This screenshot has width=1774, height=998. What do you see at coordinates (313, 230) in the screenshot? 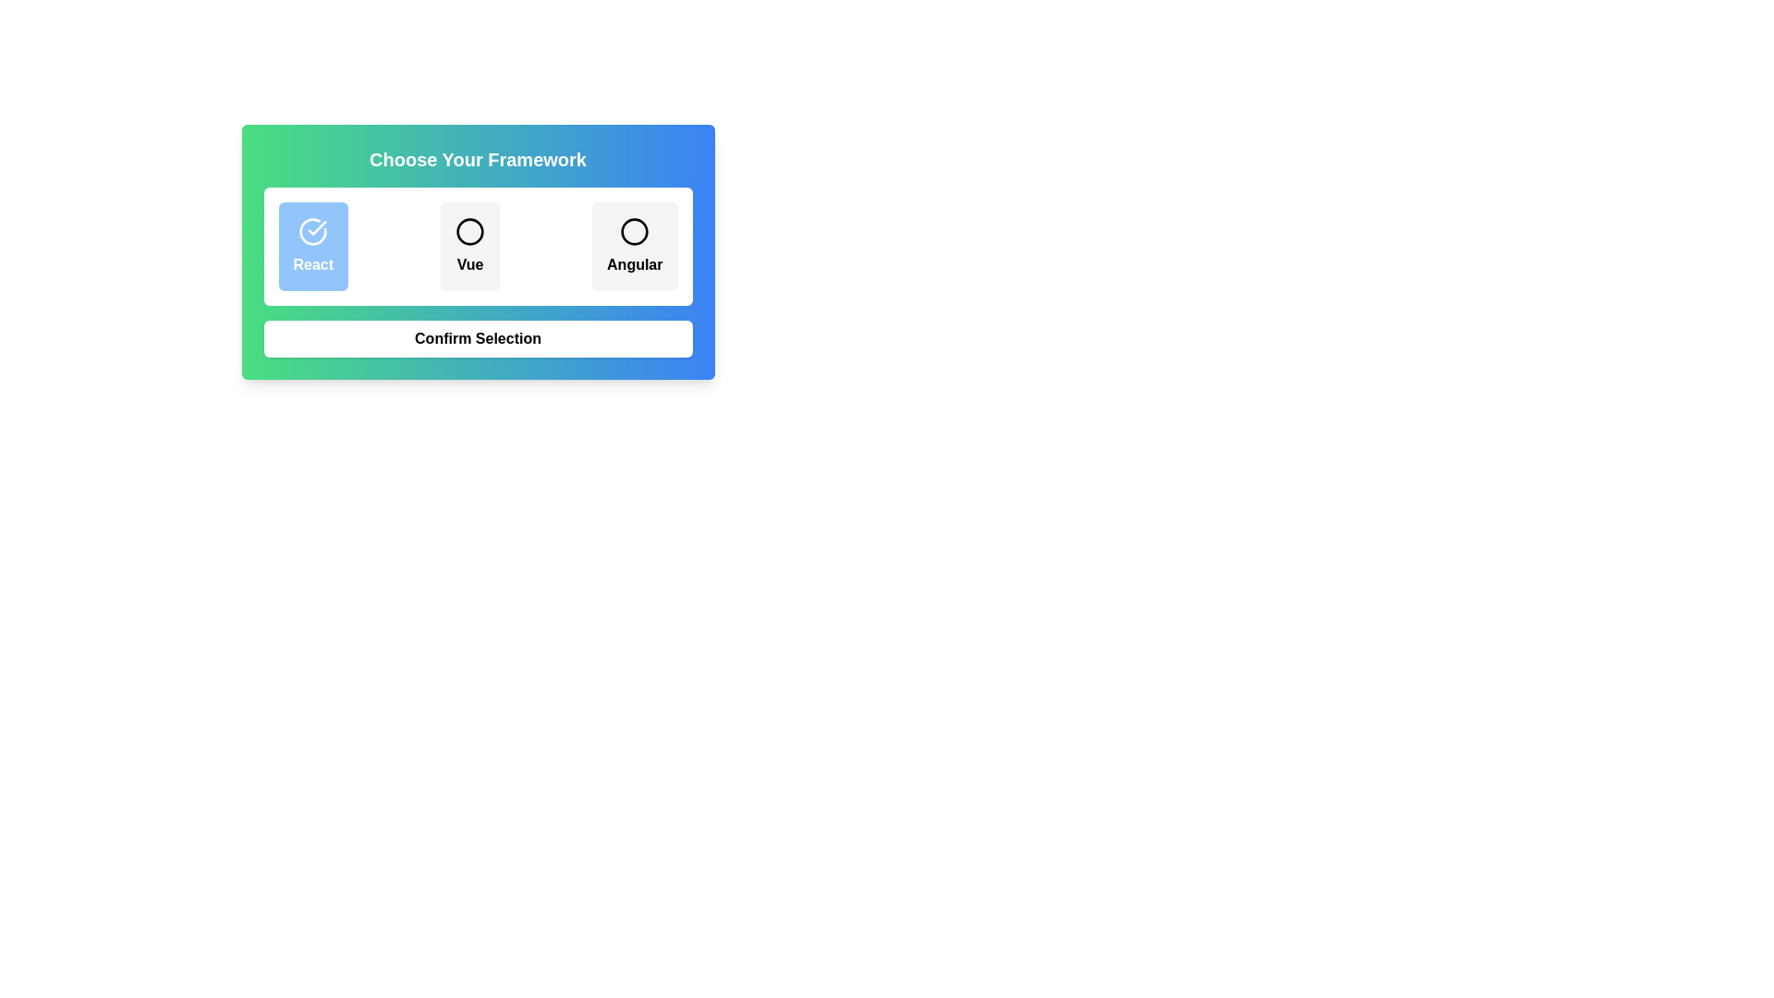
I see `the graphical representation of the top-left segment of the check mark icon within the blue background square of the 'React' button` at bounding box center [313, 230].